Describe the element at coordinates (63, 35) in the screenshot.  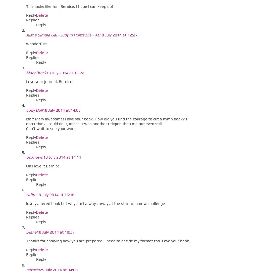
I see `'Just a Simple Gal - Judy in Huntsville - AL'` at that location.